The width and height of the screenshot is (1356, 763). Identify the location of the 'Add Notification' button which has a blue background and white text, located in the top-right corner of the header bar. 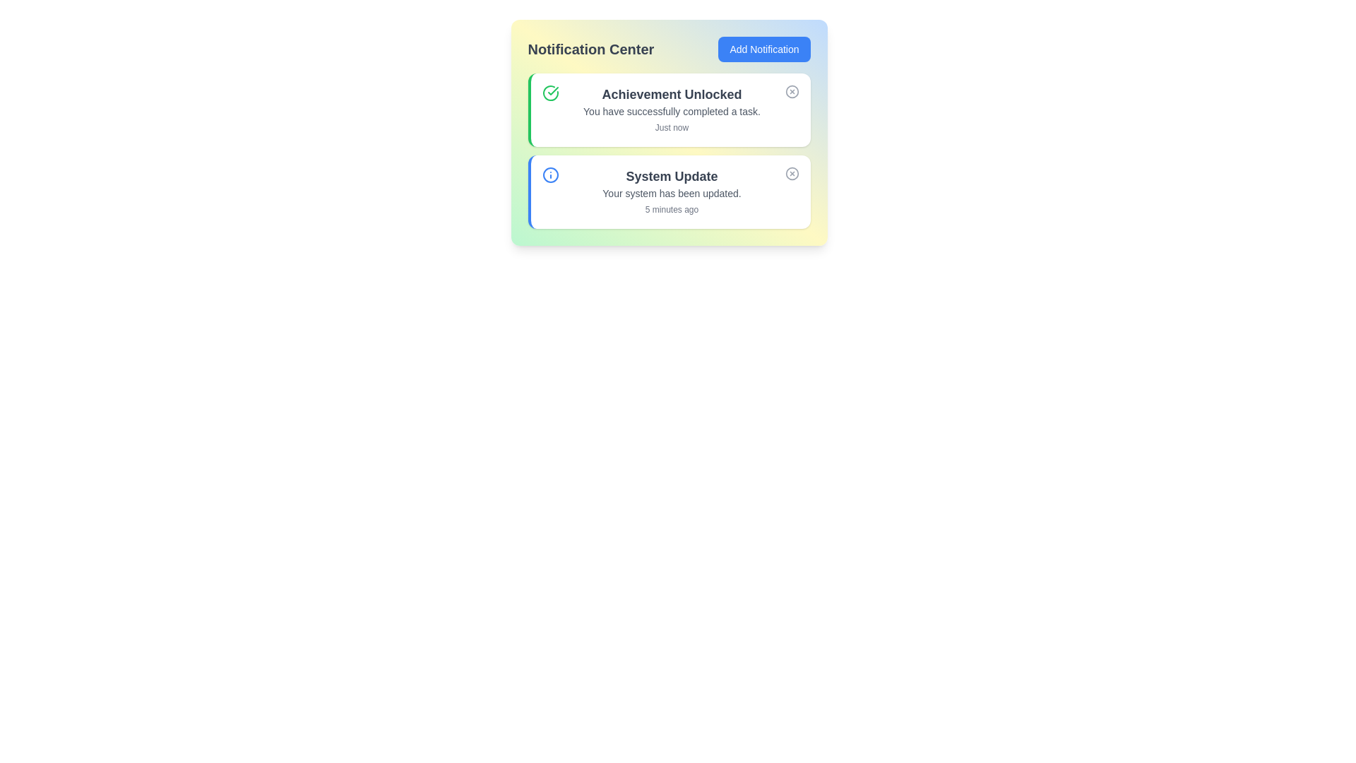
(763, 48).